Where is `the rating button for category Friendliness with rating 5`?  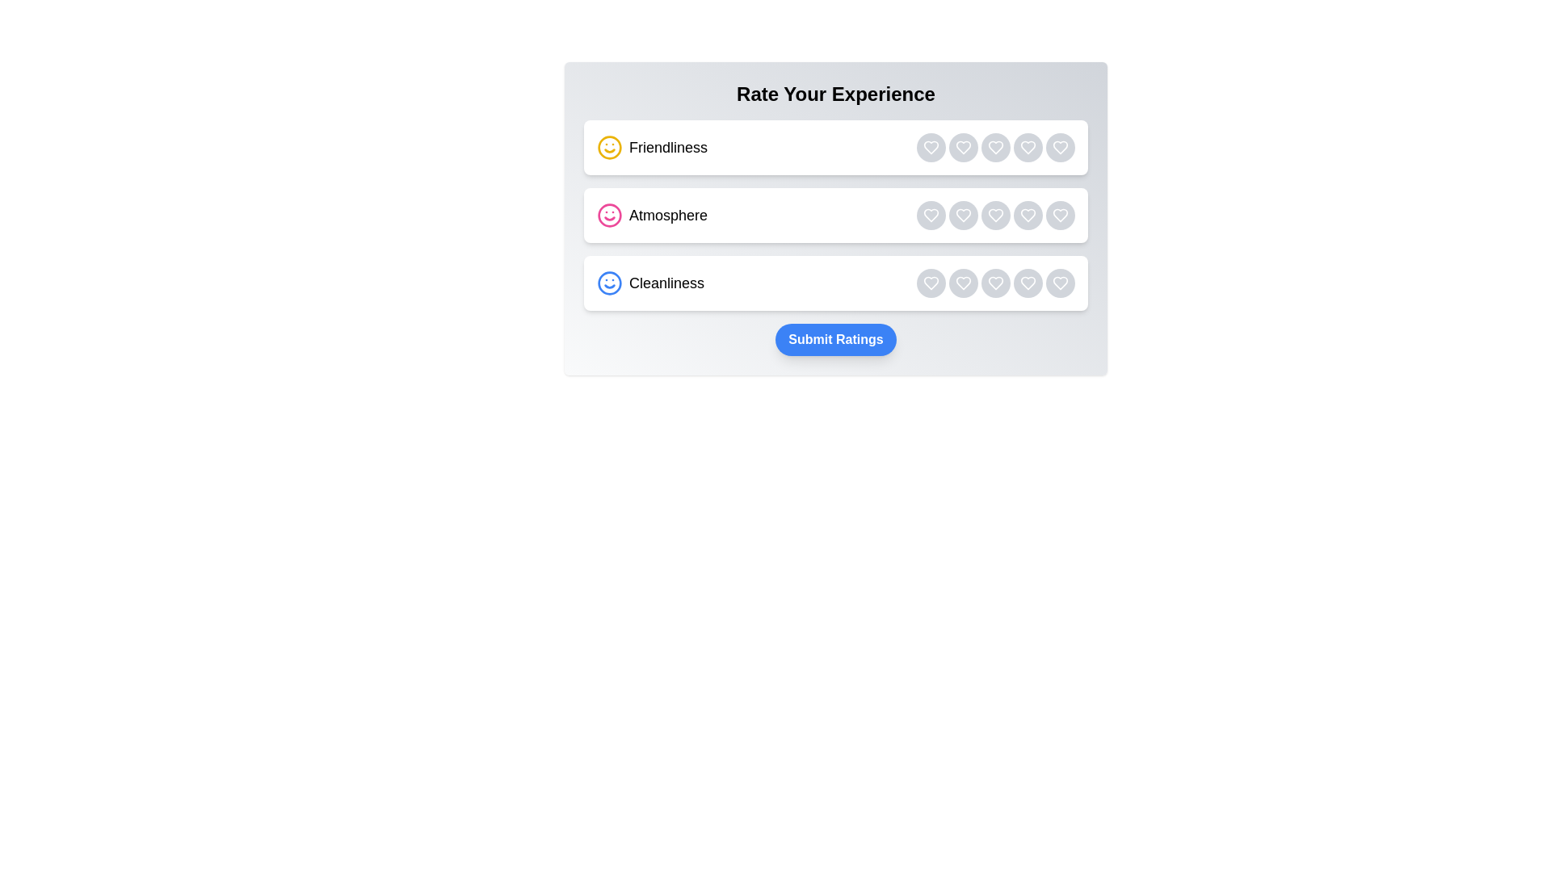
the rating button for category Friendliness with rating 5 is located at coordinates (1061, 147).